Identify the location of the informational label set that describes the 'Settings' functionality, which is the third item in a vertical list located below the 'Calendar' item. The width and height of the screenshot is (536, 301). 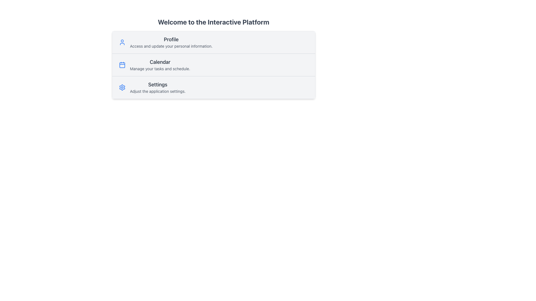
(157, 87).